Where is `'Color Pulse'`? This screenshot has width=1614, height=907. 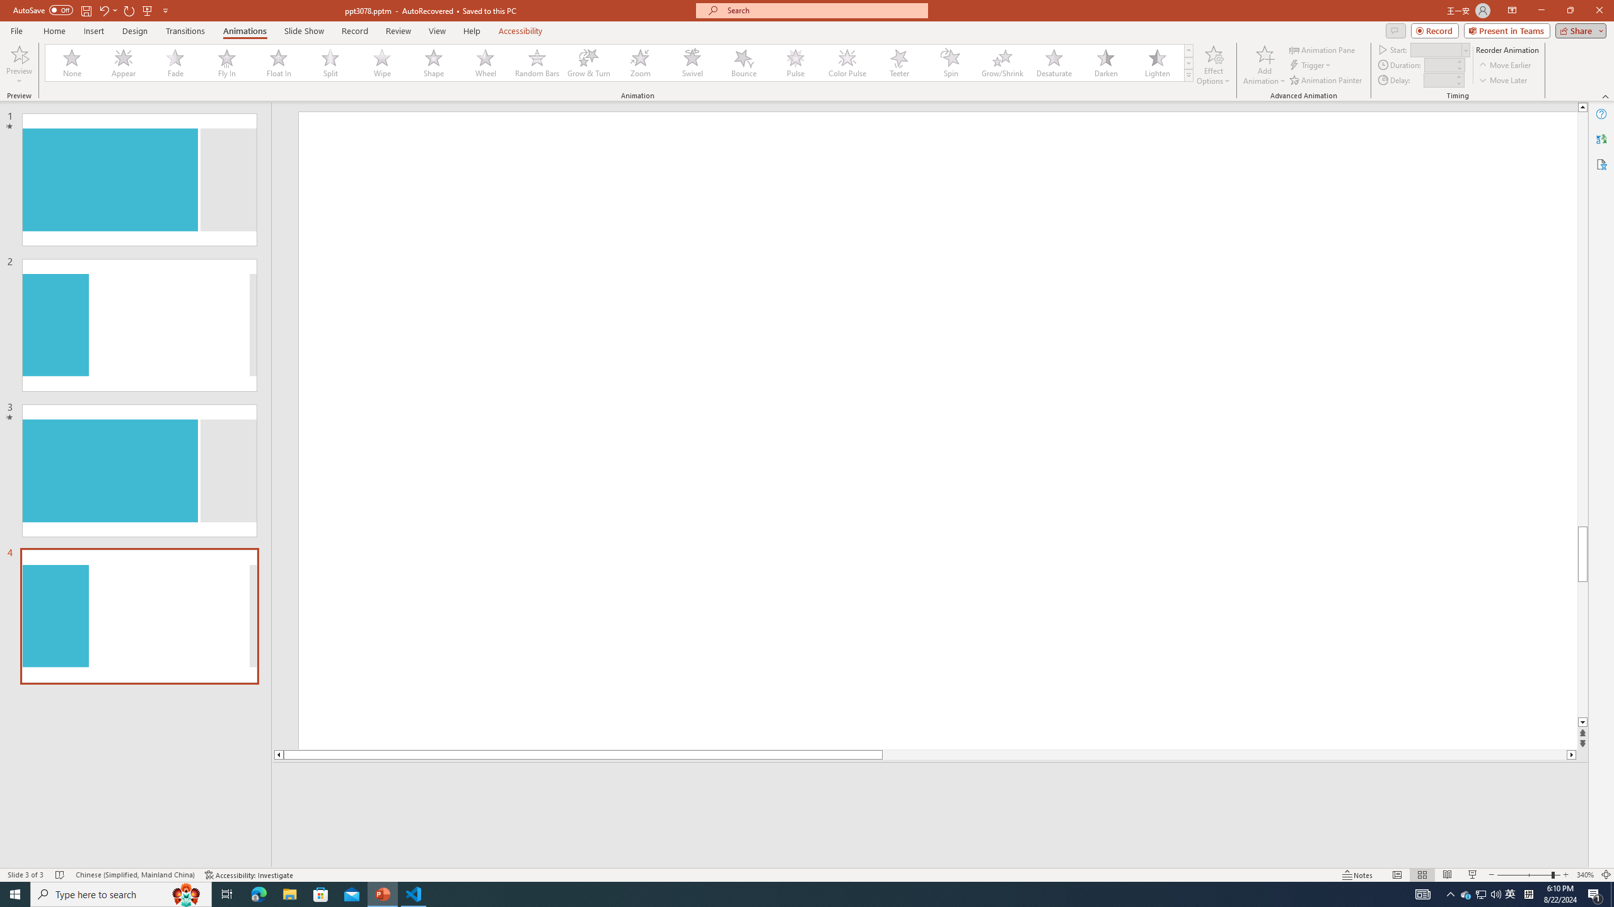 'Color Pulse' is located at coordinates (847, 62).